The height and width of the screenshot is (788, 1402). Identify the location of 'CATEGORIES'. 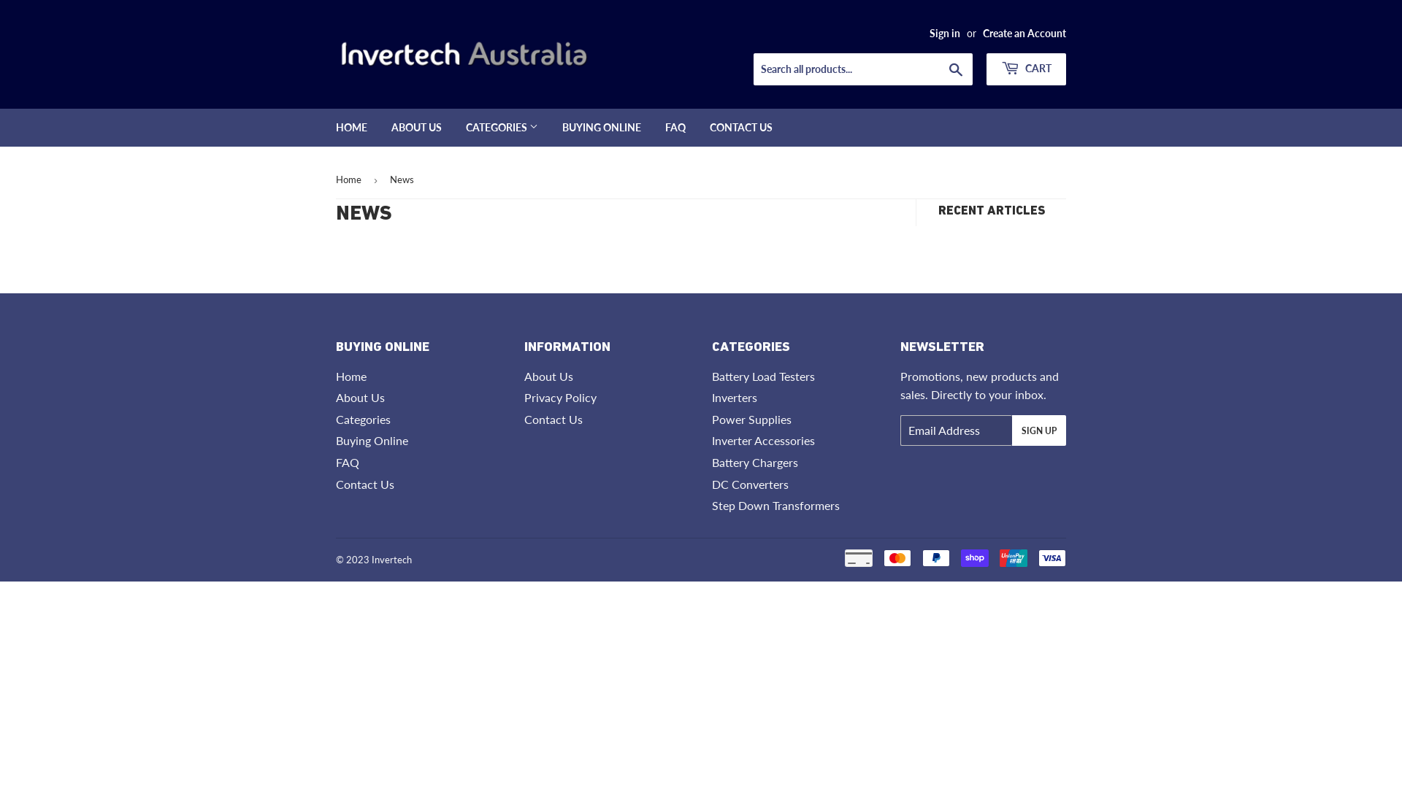
(454, 126).